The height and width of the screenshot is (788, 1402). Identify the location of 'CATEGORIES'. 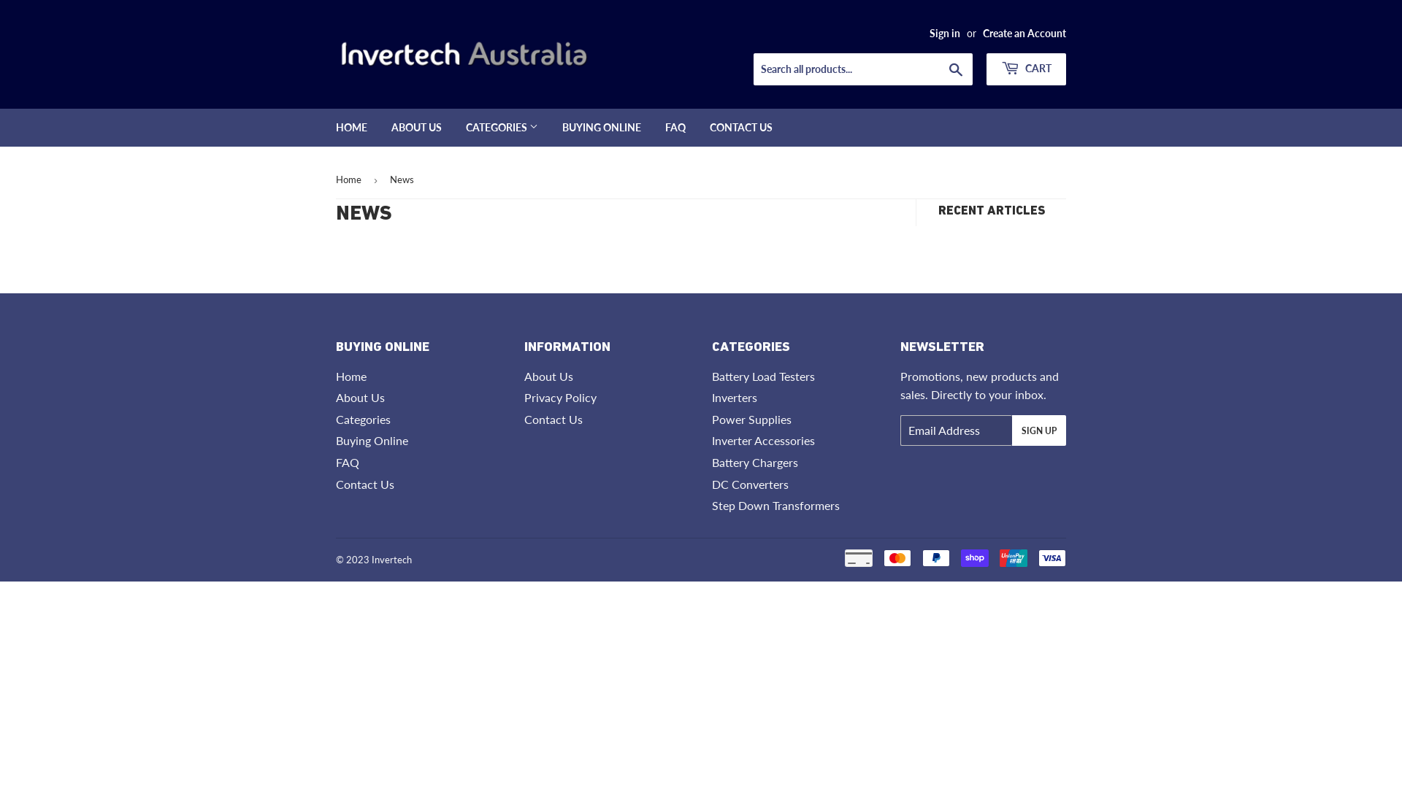
(454, 126).